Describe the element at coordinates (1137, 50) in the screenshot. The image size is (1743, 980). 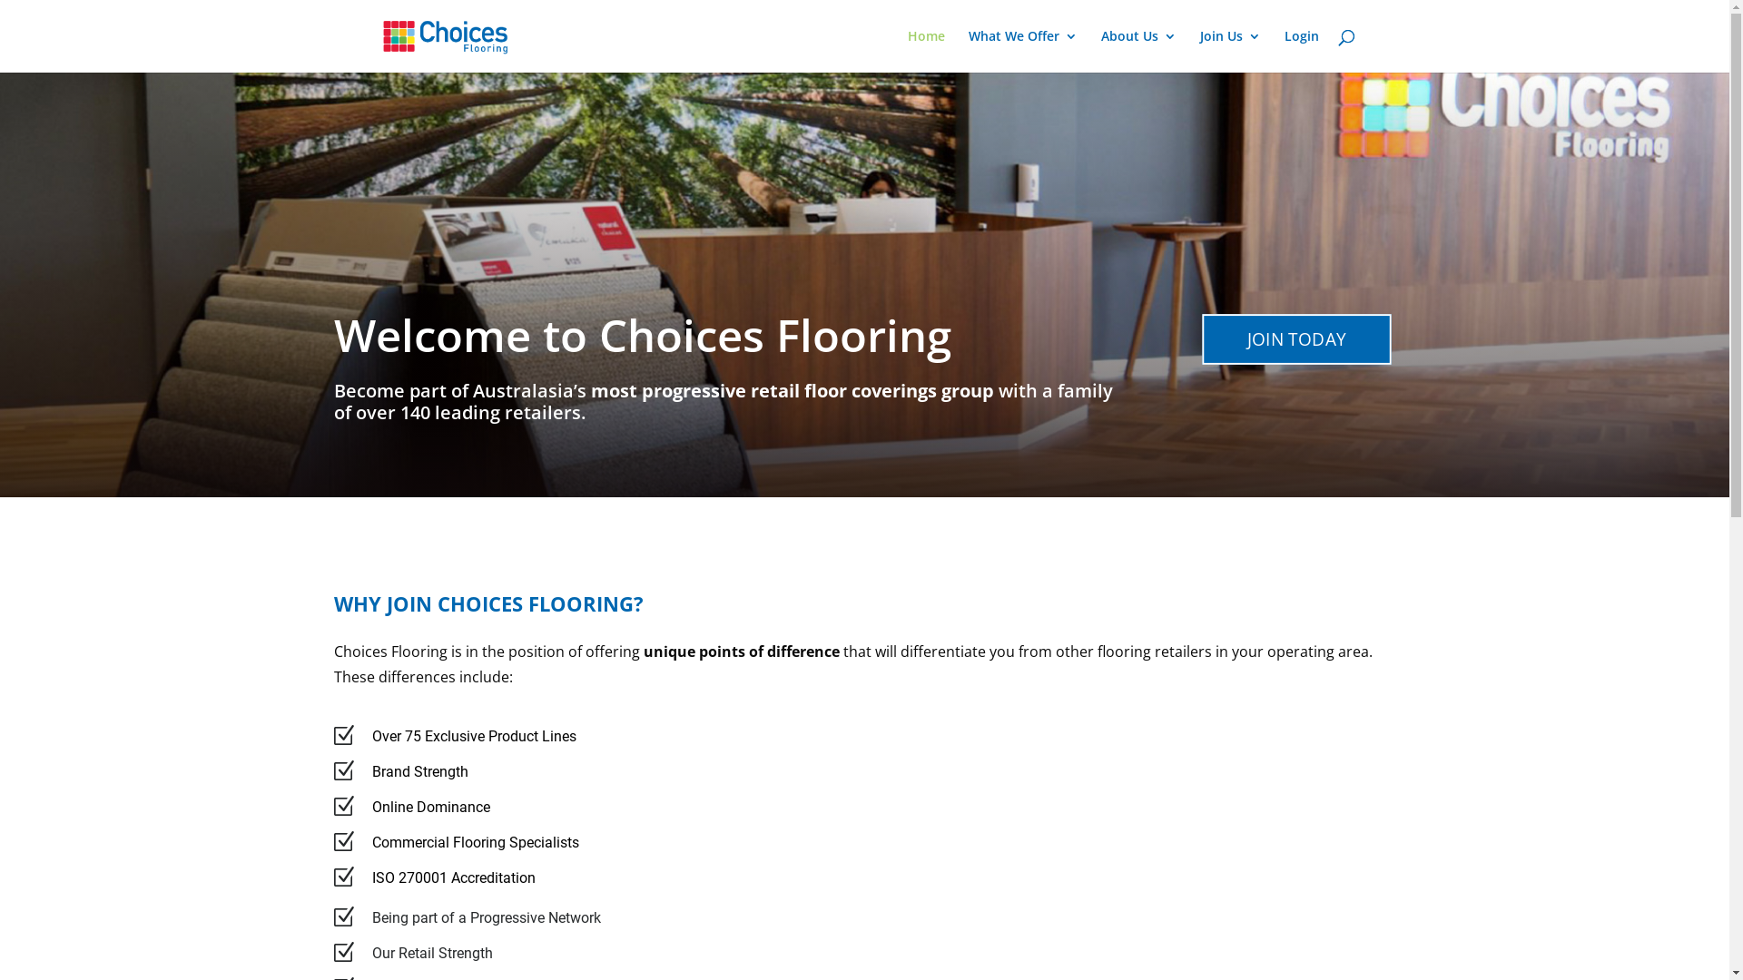
I see `'About Us'` at that location.